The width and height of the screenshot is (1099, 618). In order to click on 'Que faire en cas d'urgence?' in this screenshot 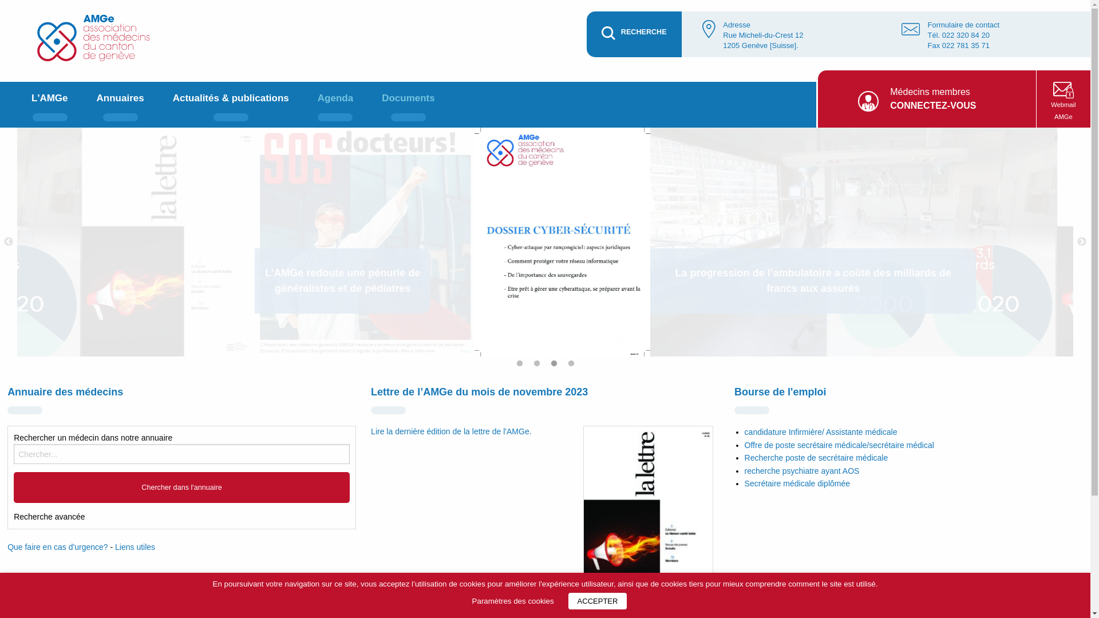, I will do `click(57, 546)`.